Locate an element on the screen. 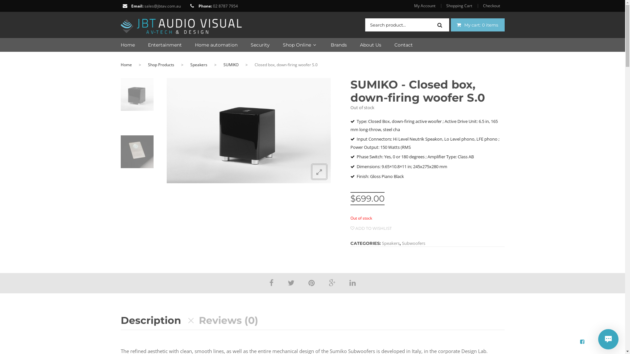 The width and height of the screenshot is (630, 354). 'Pinterest' is located at coordinates (311, 282).